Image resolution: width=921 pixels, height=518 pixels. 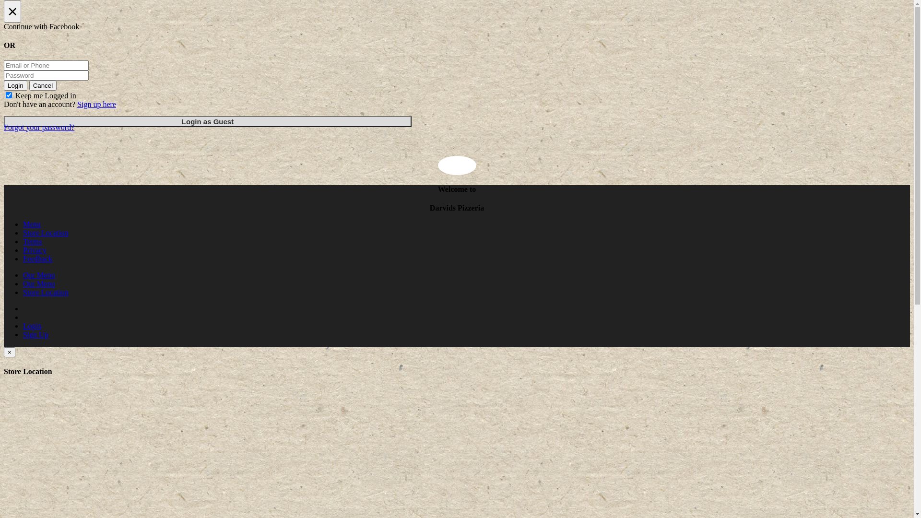 What do you see at coordinates (15, 85) in the screenshot?
I see `'Login'` at bounding box center [15, 85].